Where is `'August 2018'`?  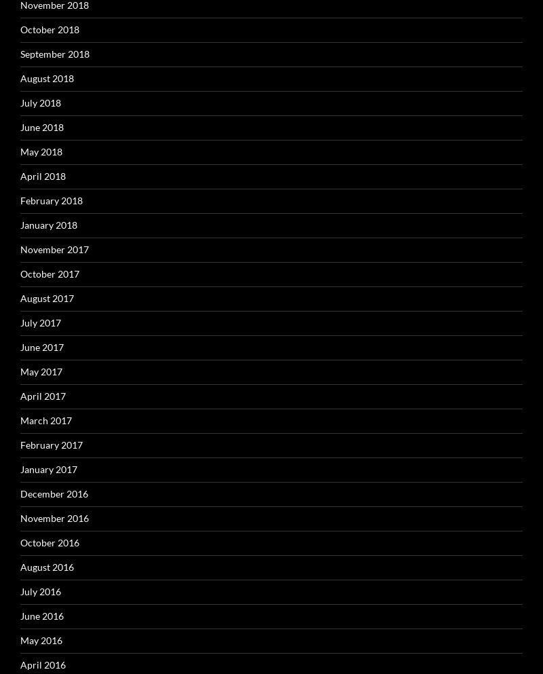 'August 2018' is located at coordinates (20, 77).